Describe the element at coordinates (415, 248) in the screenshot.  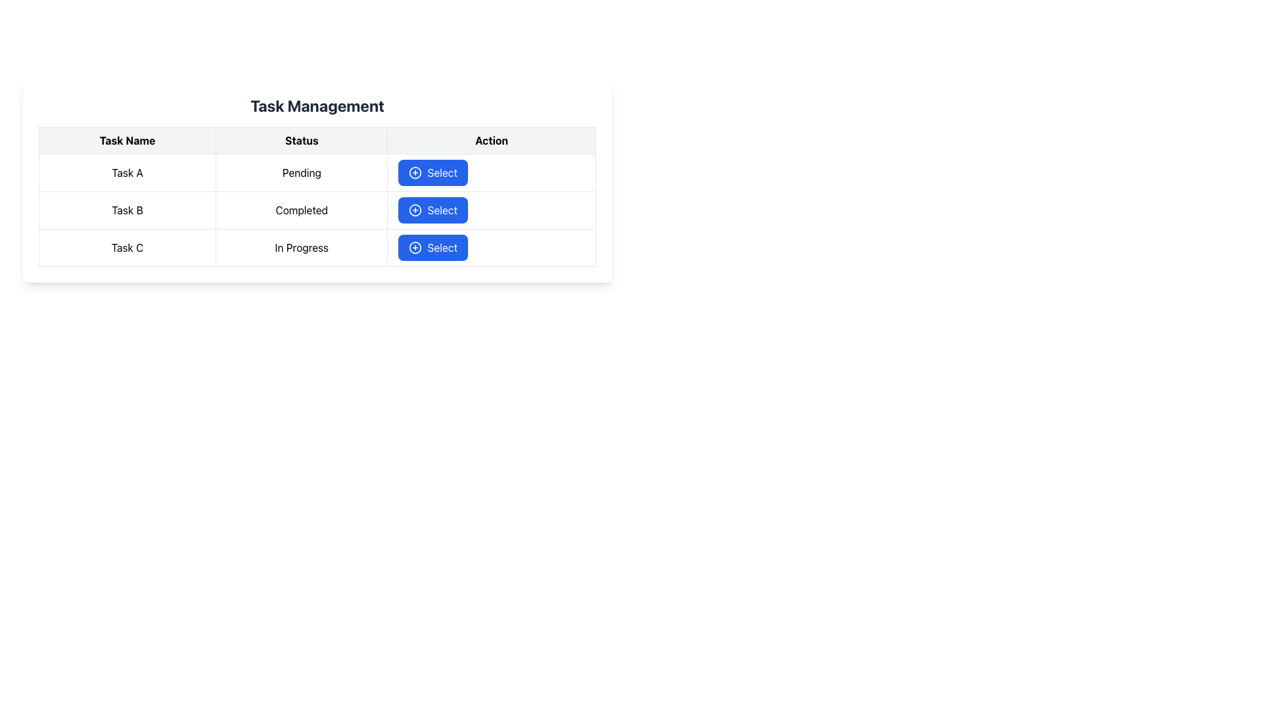
I see `the circular icon with a plus symbol located within the 'Select' button in the 'Action' column of the 'Task C' row` at that location.